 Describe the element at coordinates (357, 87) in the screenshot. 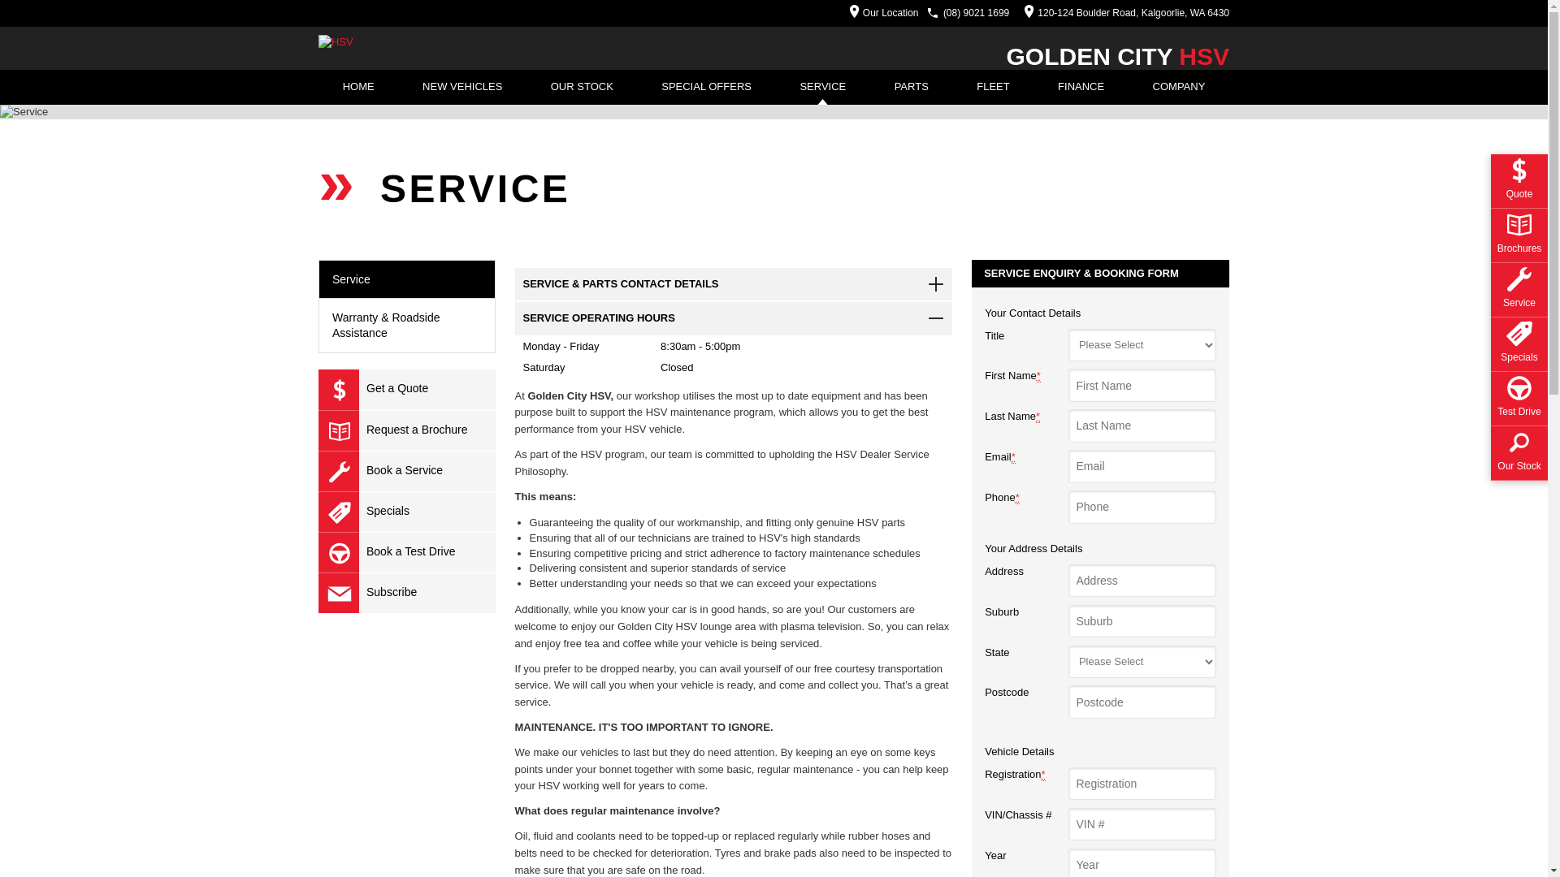

I see `'HOME'` at that location.